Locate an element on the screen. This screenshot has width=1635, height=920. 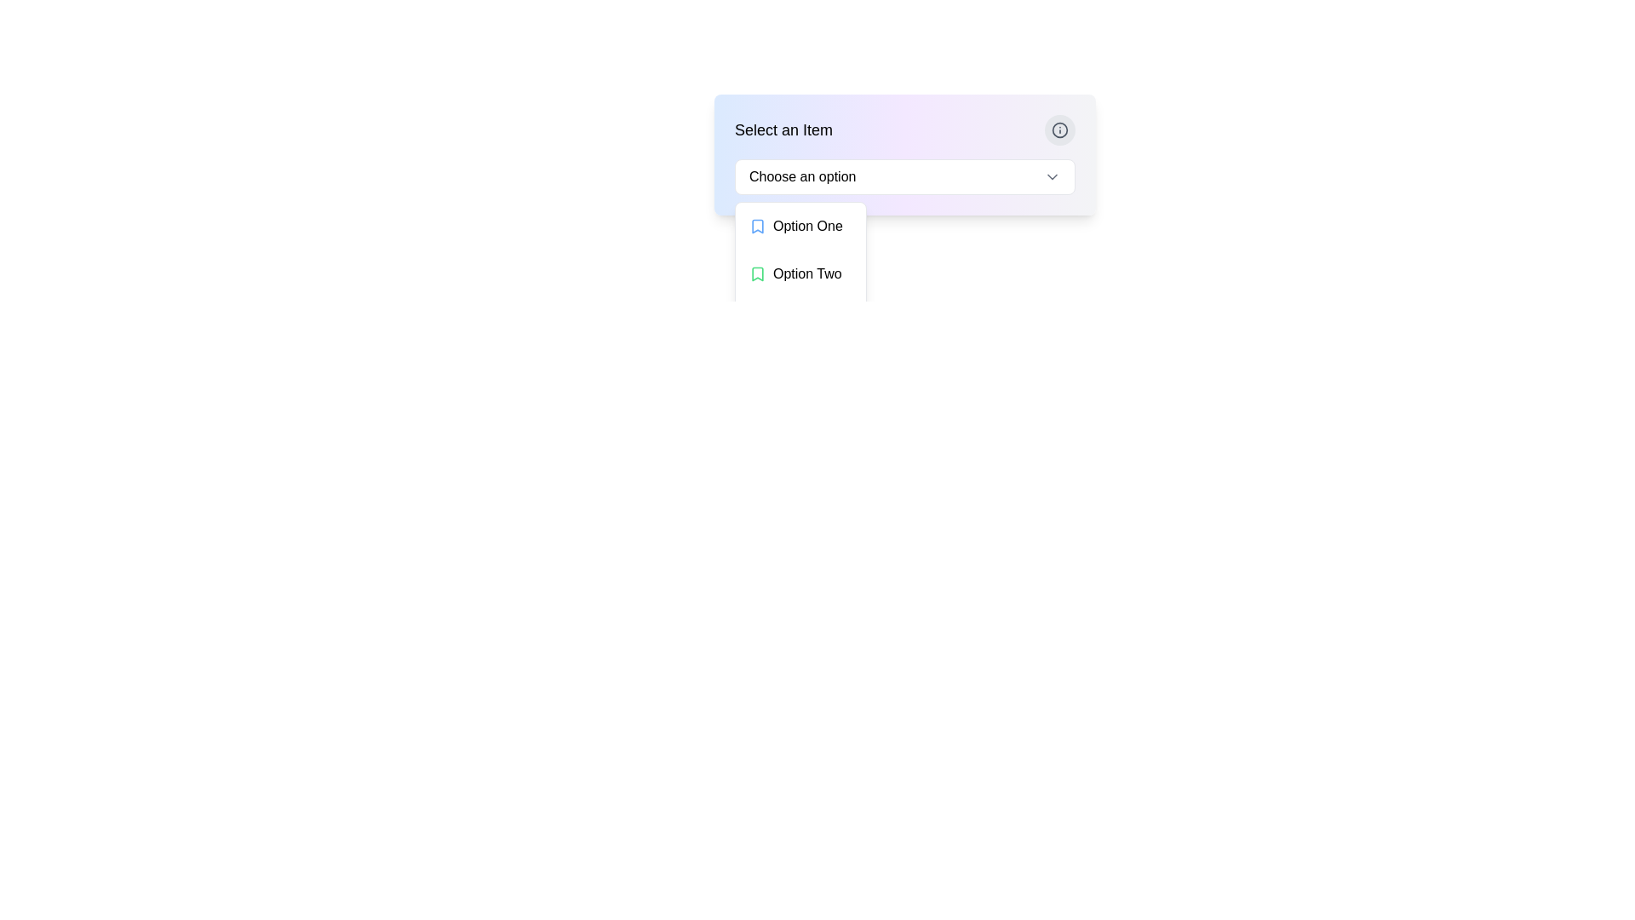
the text label 'Option One' located in the dropdown list next to the bookmark icon, which is the first selectable option is located at coordinates (806, 226).